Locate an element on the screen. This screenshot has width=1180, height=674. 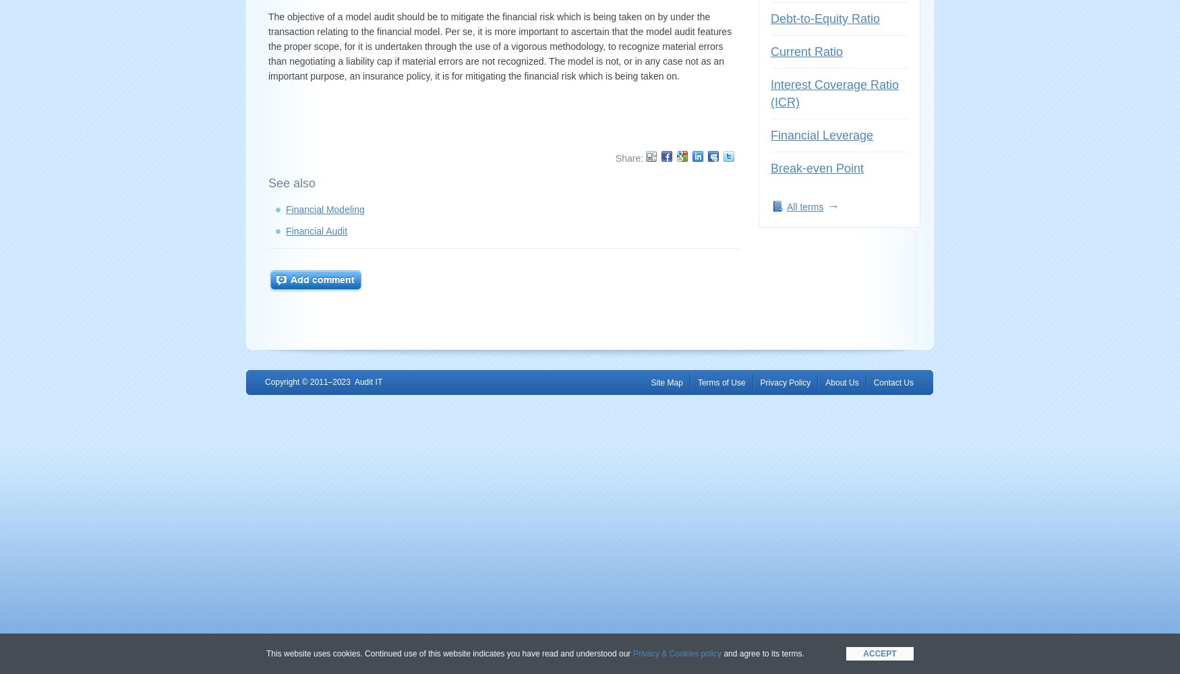
'Privacy Policy' is located at coordinates (759, 382).